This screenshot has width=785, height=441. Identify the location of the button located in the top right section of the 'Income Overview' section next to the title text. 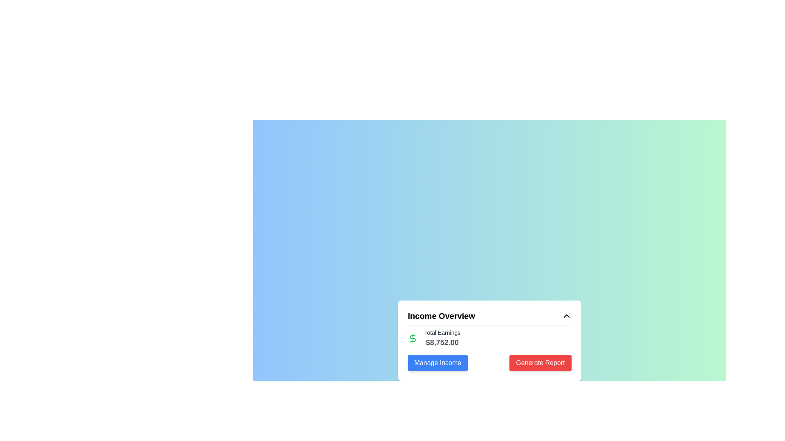
(566, 315).